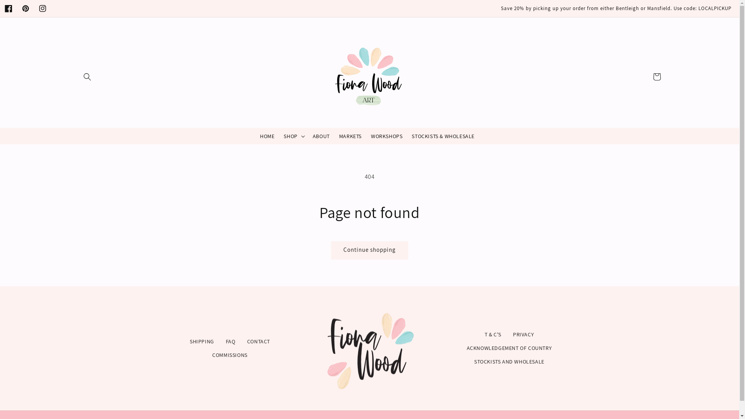  Describe the element at coordinates (9, 9) in the screenshot. I see `'Facebook'` at that location.